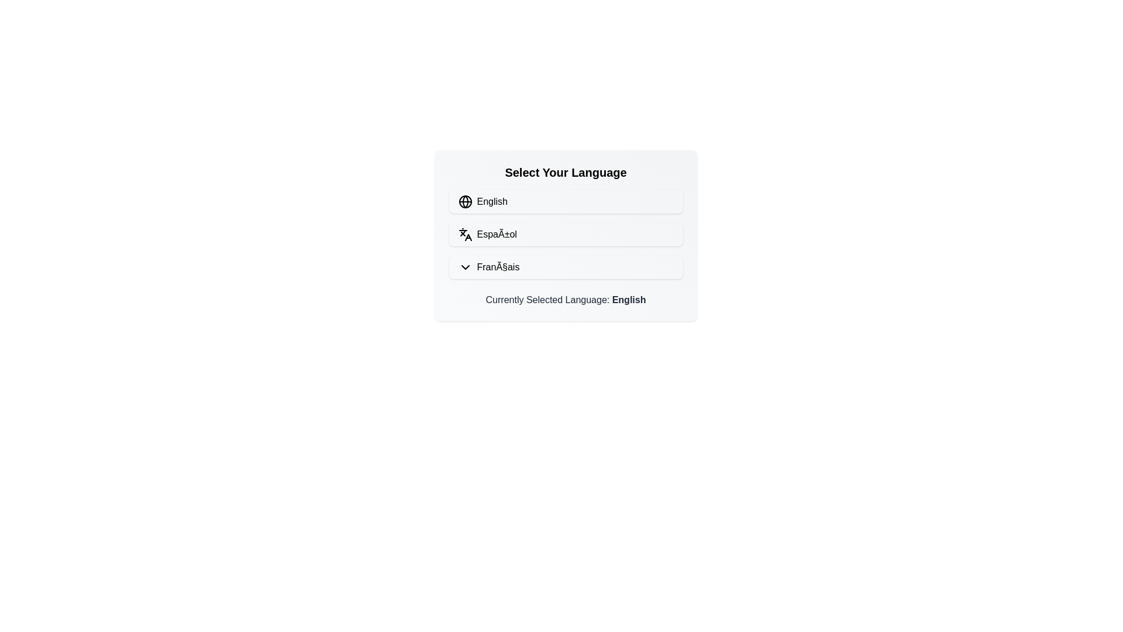  I want to click on the button labeled 'Français', so click(566, 267).